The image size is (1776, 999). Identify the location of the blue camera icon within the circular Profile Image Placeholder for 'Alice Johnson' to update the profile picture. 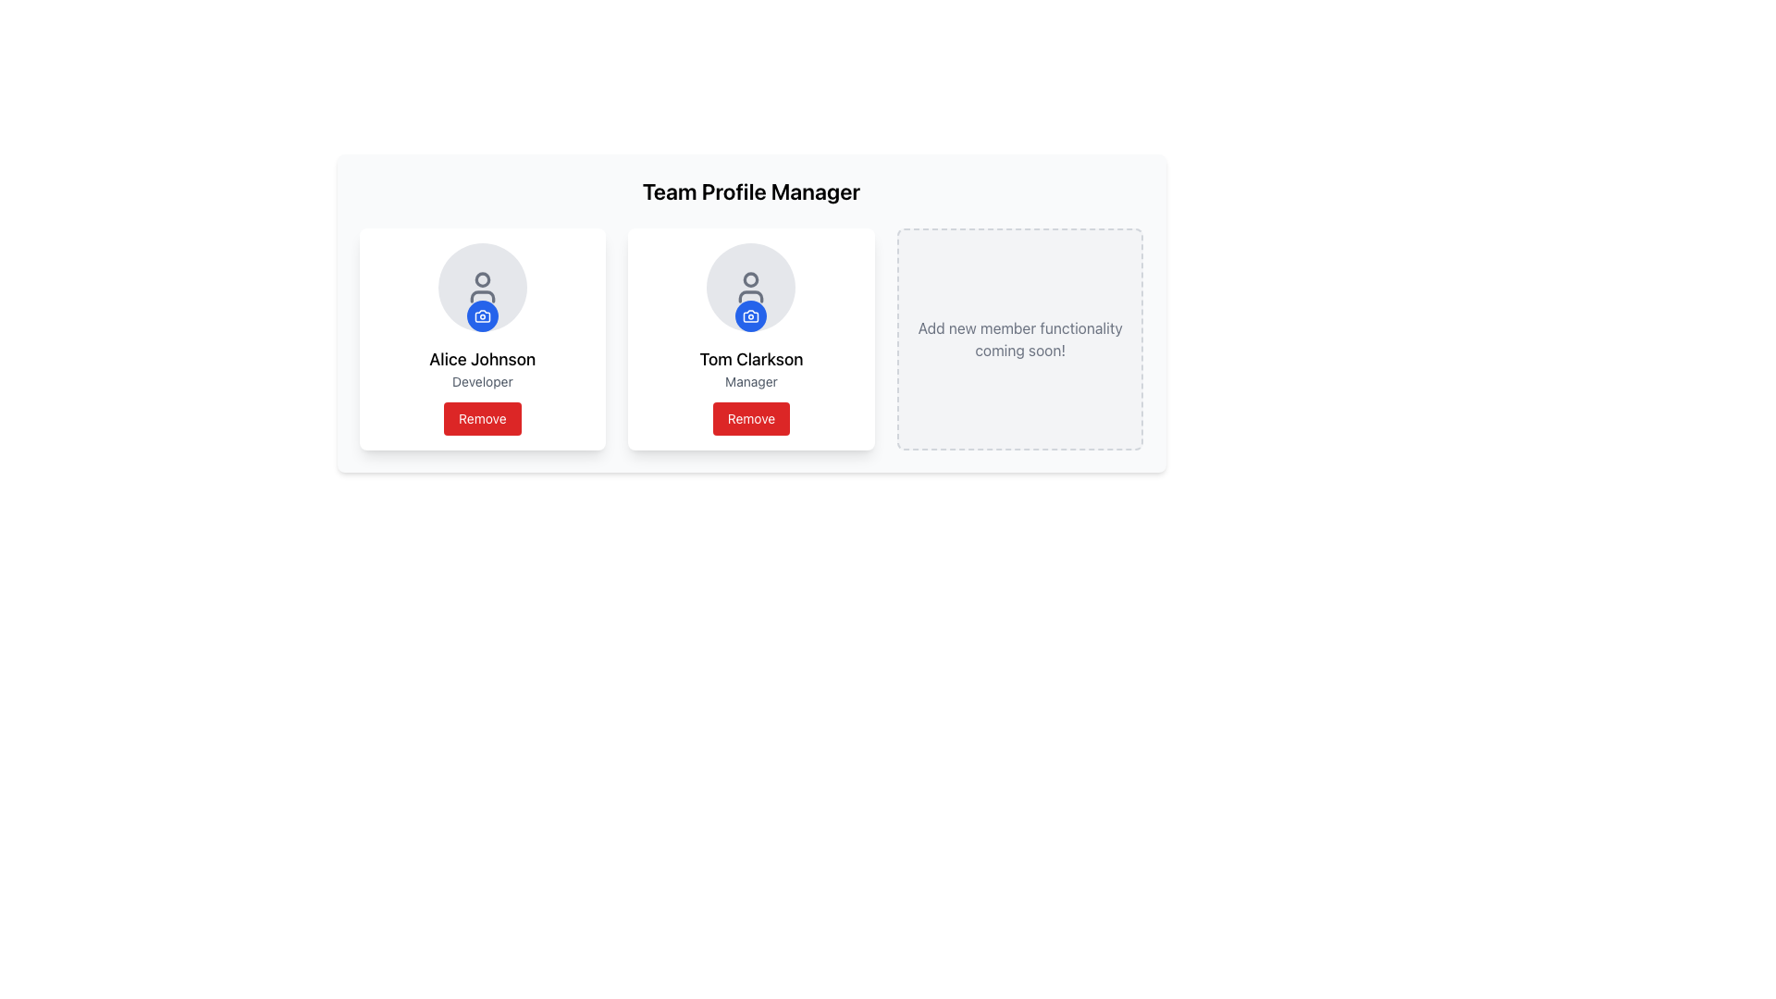
(482, 288).